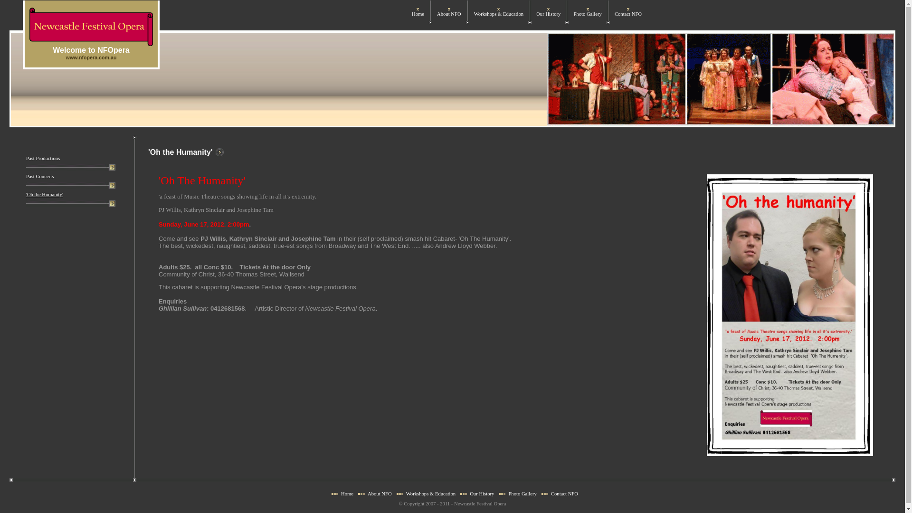 The height and width of the screenshot is (513, 912). What do you see at coordinates (379, 493) in the screenshot?
I see `'About NFO'` at bounding box center [379, 493].